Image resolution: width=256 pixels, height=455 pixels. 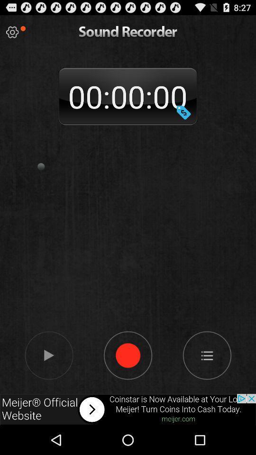 What do you see at coordinates (49, 355) in the screenshot?
I see `the recording` at bounding box center [49, 355].